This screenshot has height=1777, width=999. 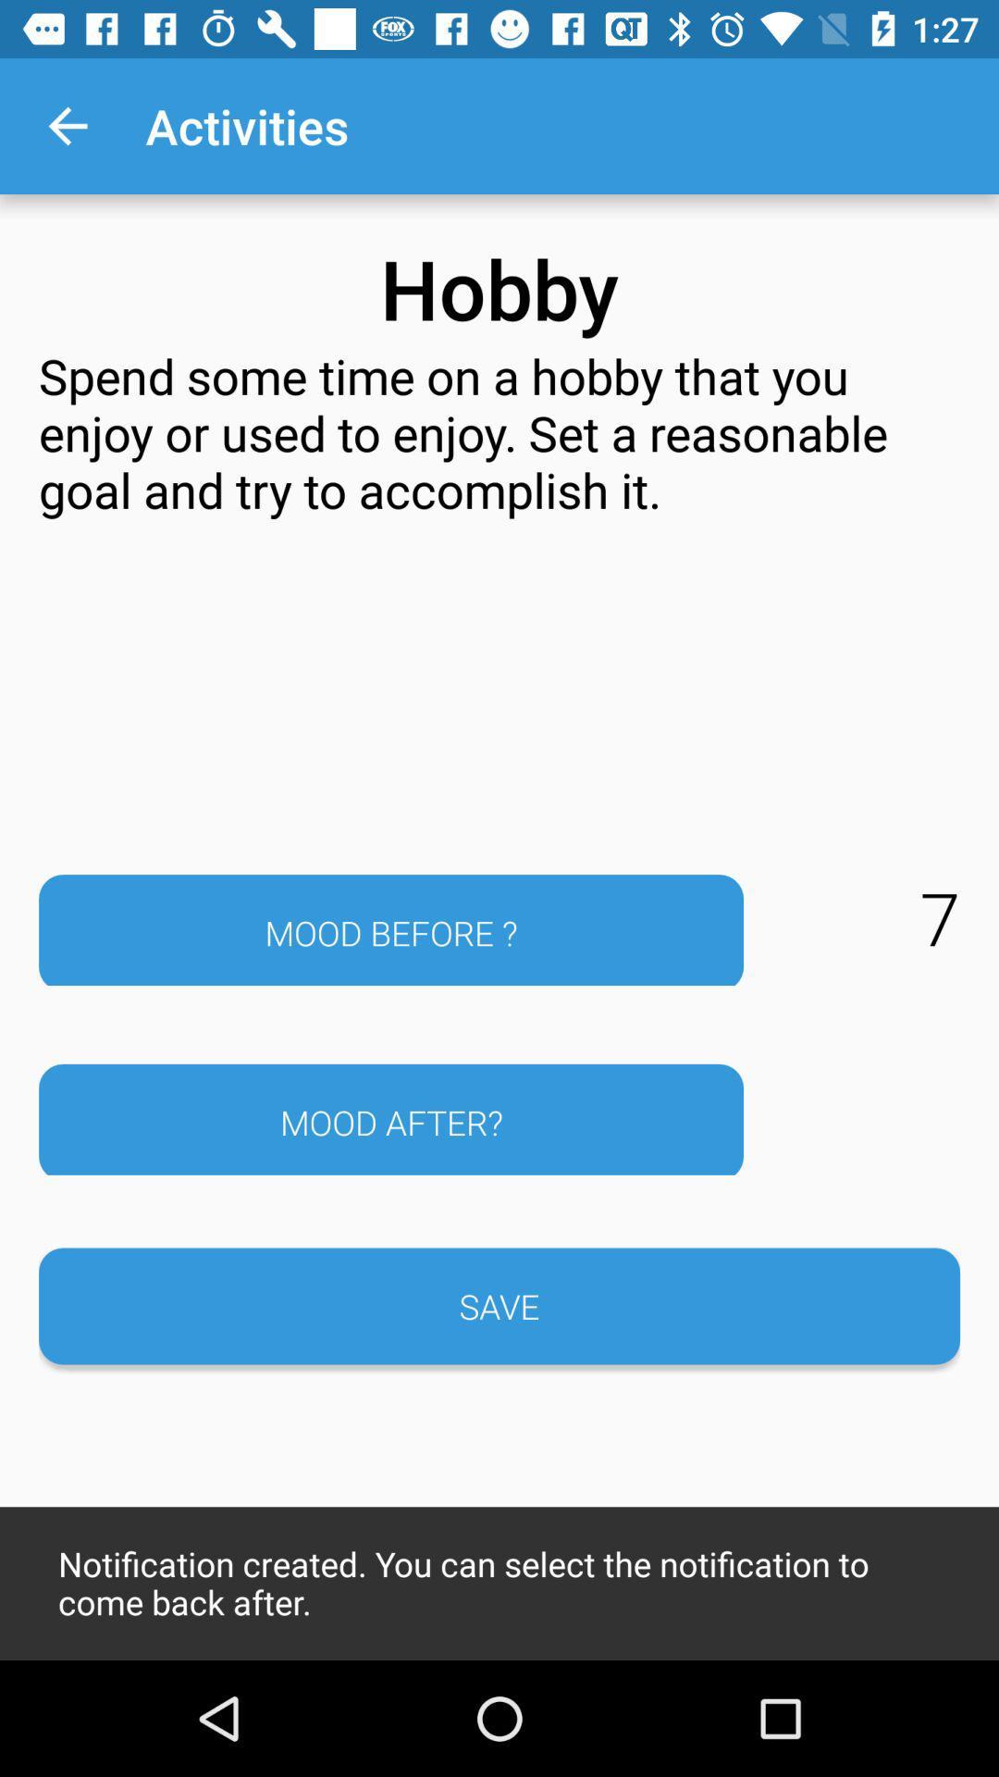 What do you see at coordinates (67, 125) in the screenshot?
I see `the icon to the left of the activities icon` at bounding box center [67, 125].